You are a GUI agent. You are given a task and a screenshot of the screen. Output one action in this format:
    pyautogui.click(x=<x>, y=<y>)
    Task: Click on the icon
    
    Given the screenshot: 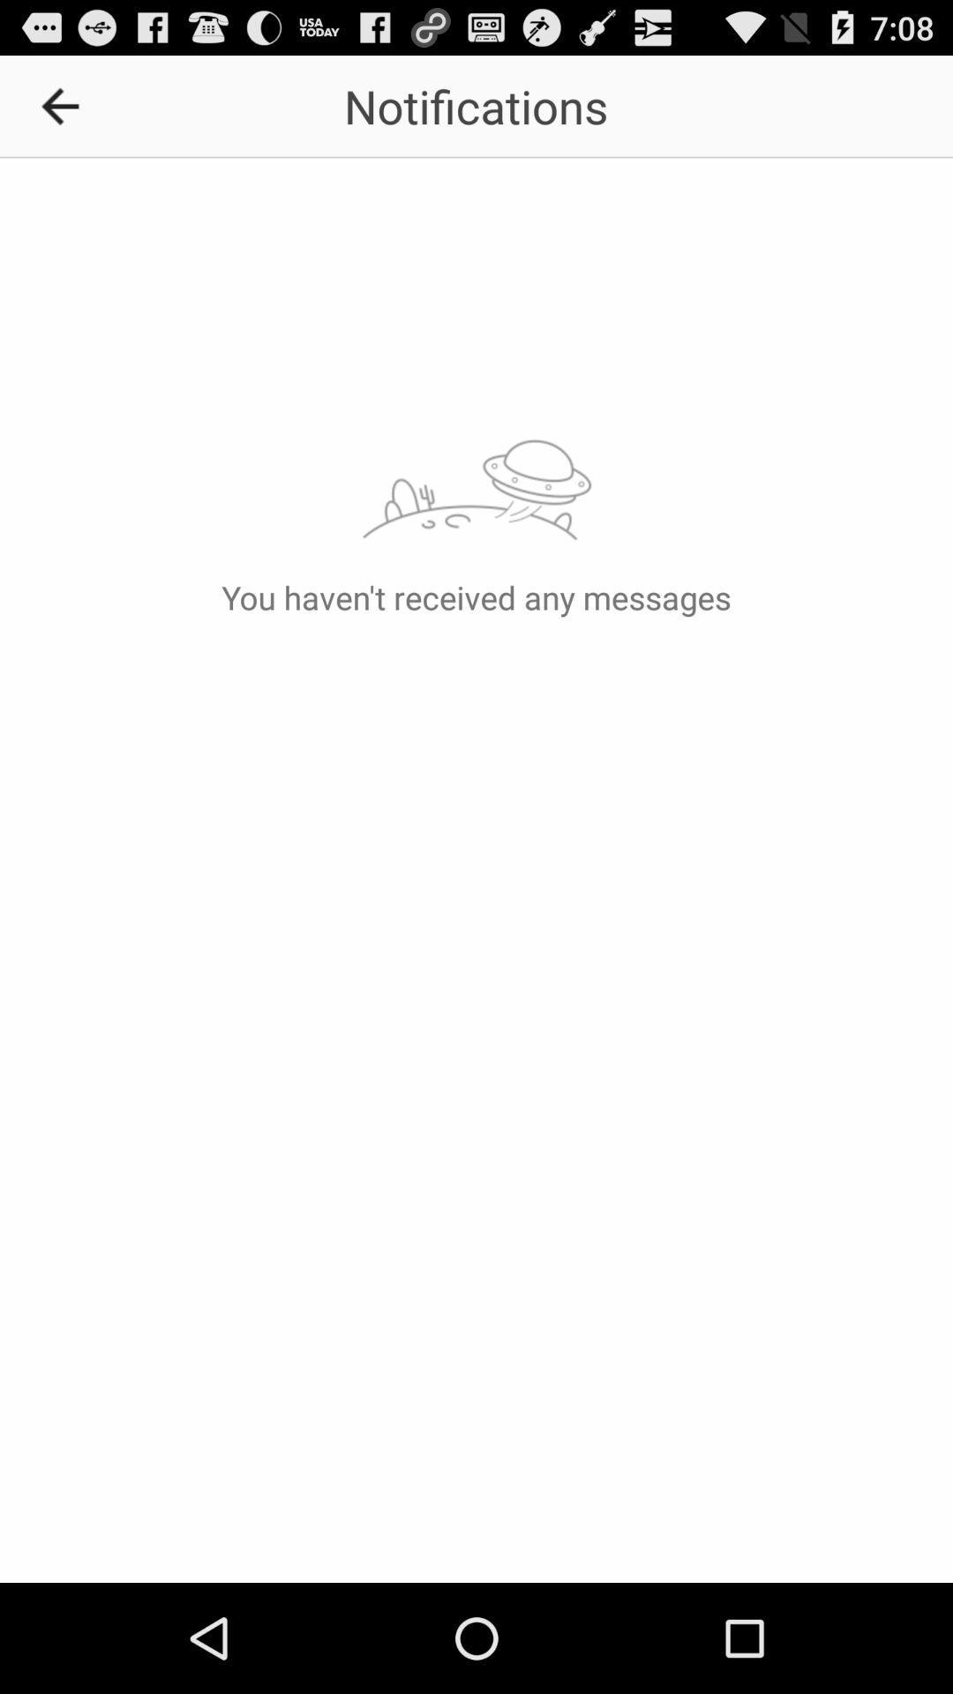 What is the action you would take?
    pyautogui.click(x=65, y=105)
    